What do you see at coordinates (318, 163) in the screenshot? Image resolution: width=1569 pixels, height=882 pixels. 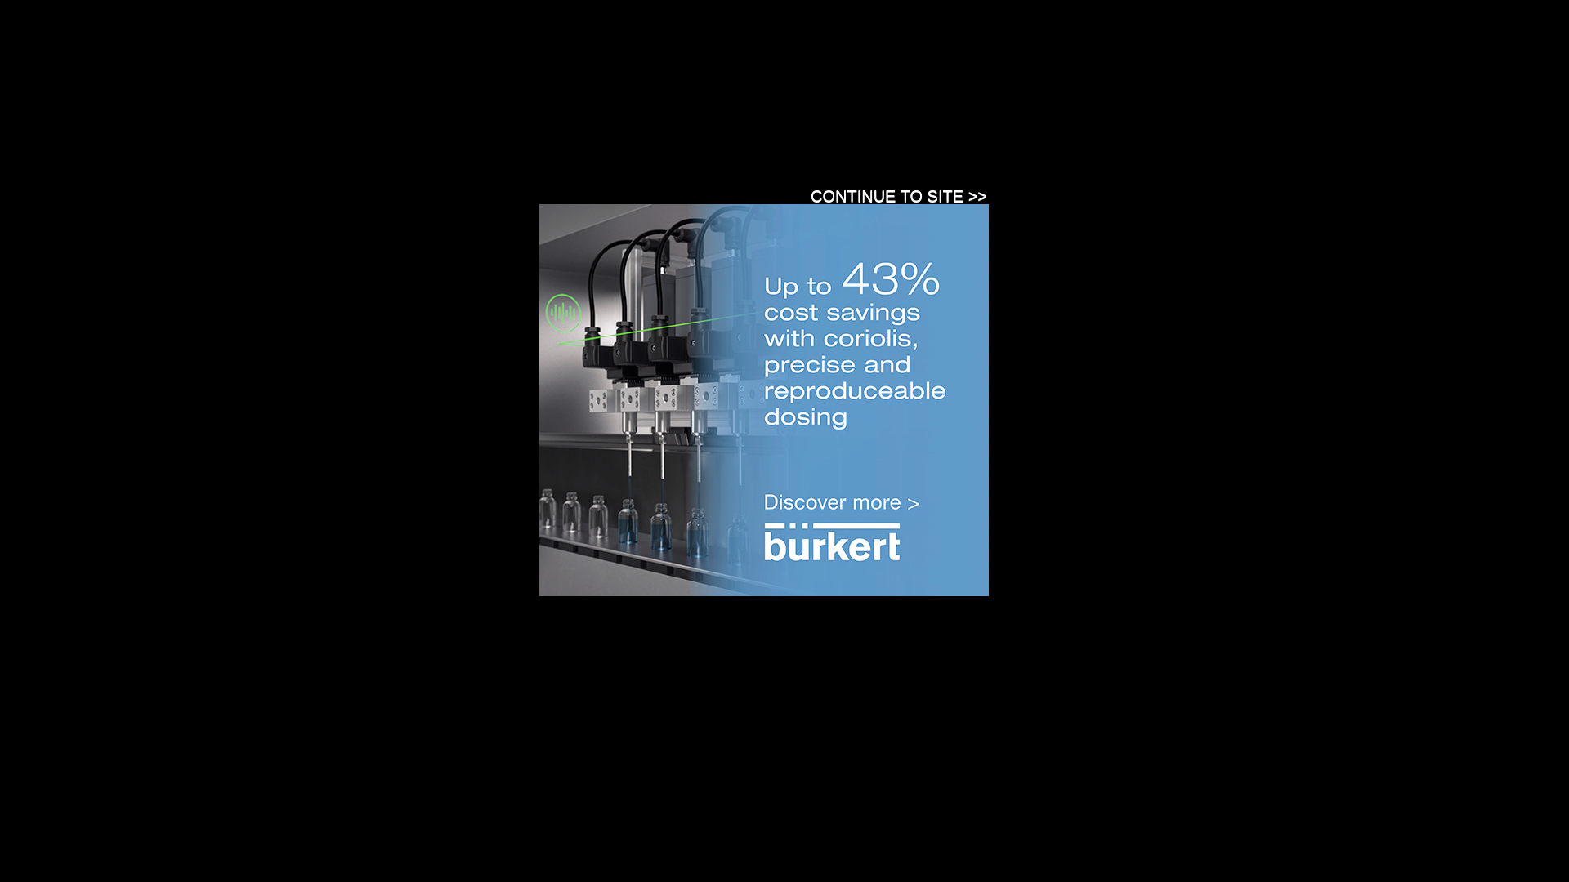 I see `'Instrumentation'` at bounding box center [318, 163].